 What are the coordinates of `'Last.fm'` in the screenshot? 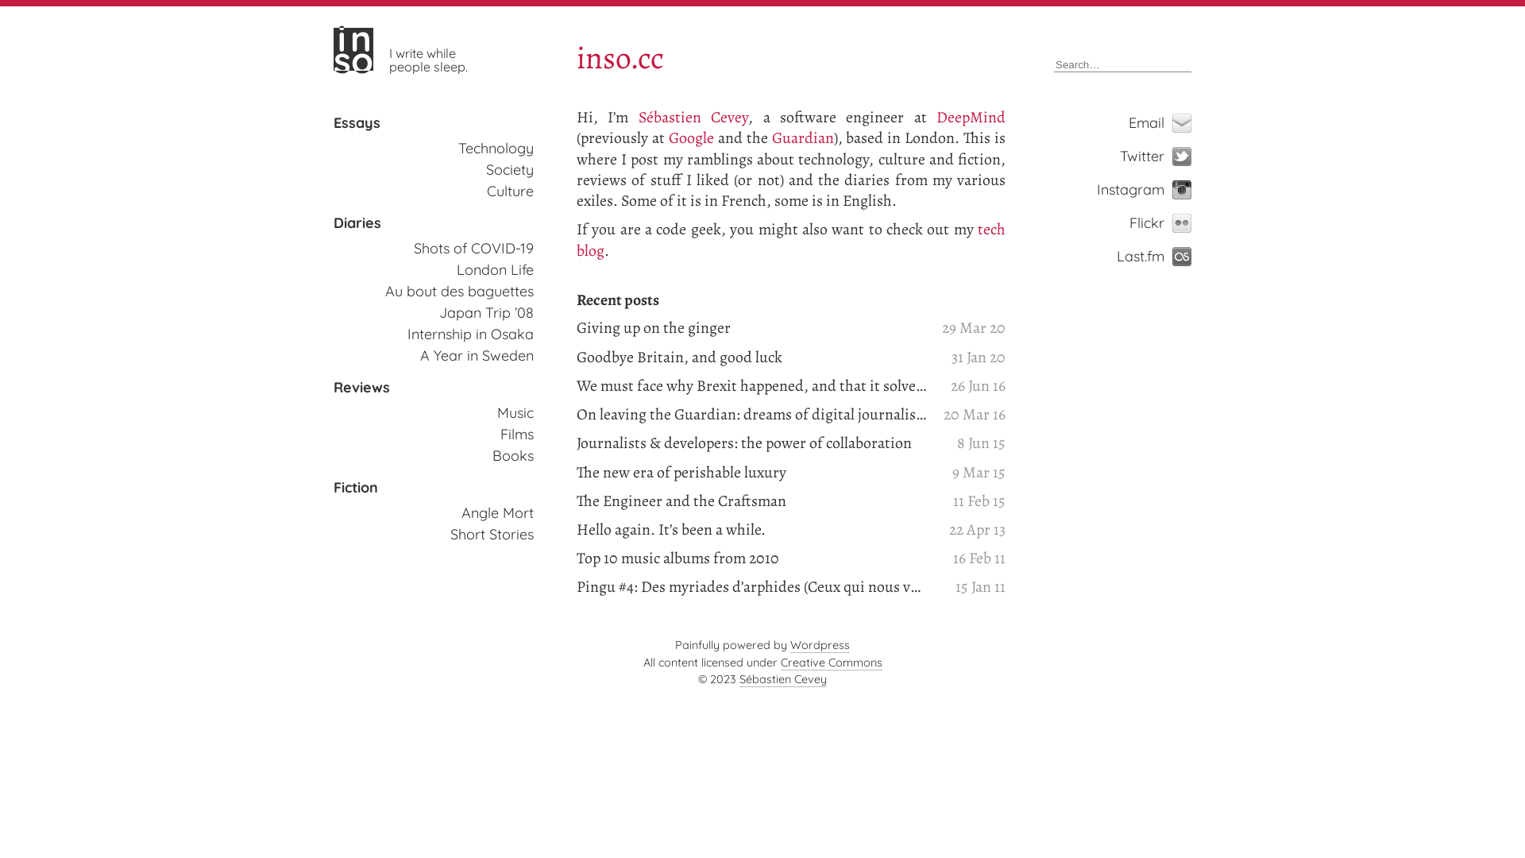 It's located at (1168, 256).